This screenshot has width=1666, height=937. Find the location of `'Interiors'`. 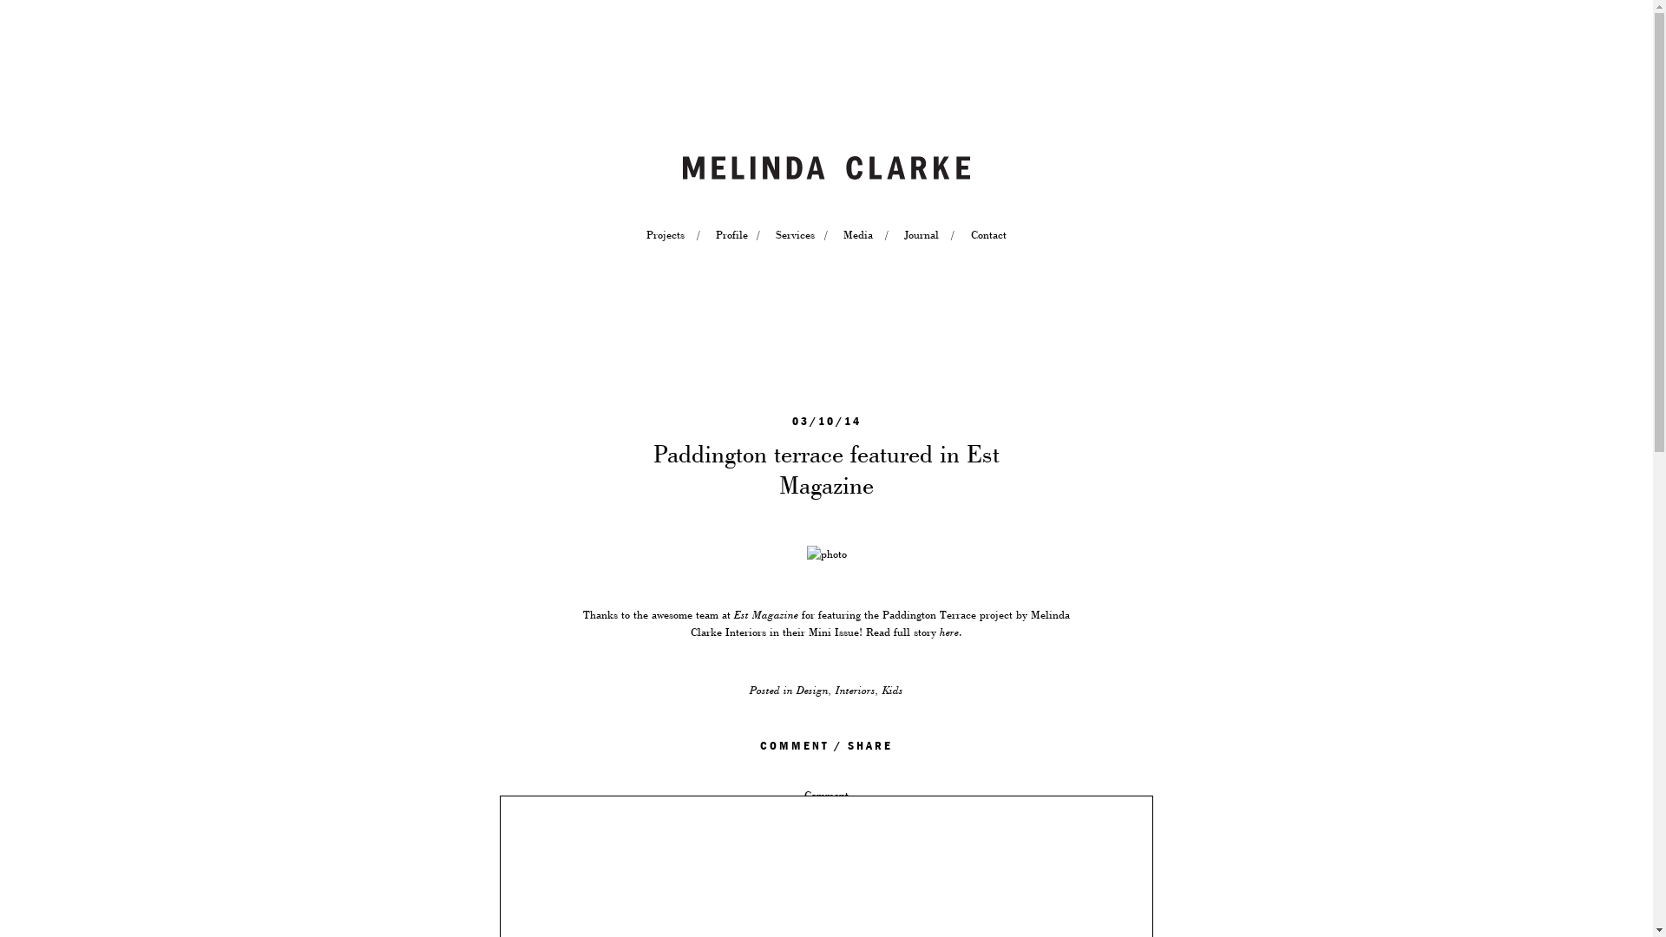

'Interiors' is located at coordinates (855, 689).